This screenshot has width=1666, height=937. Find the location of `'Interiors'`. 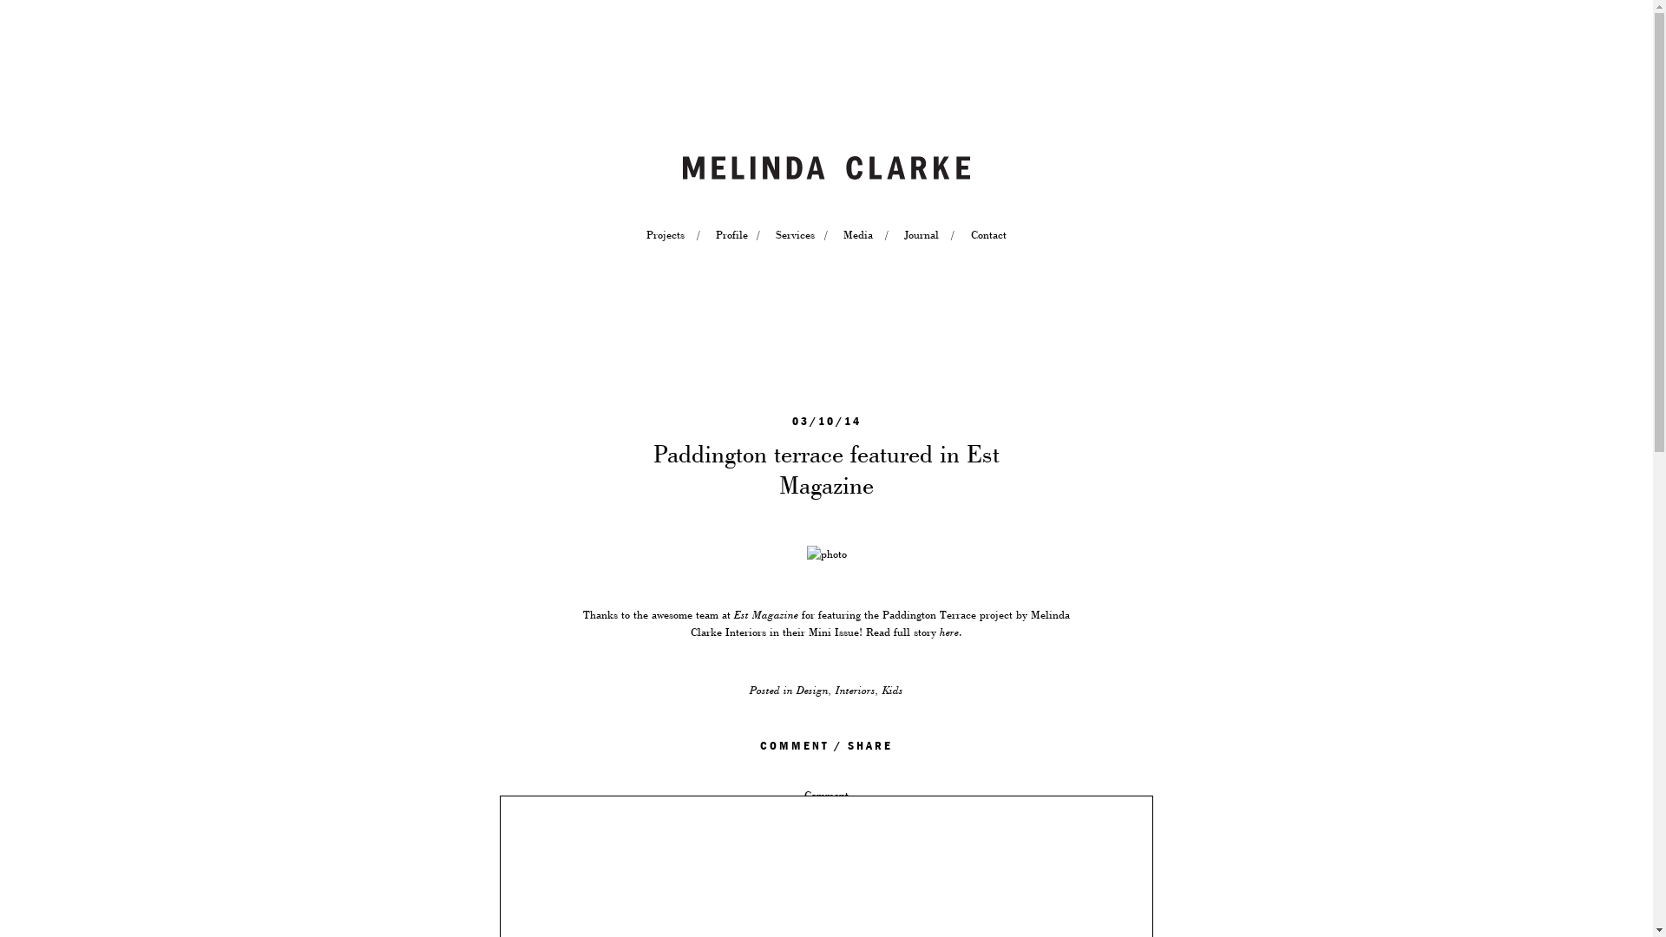

'Interiors' is located at coordinates (855, 689).